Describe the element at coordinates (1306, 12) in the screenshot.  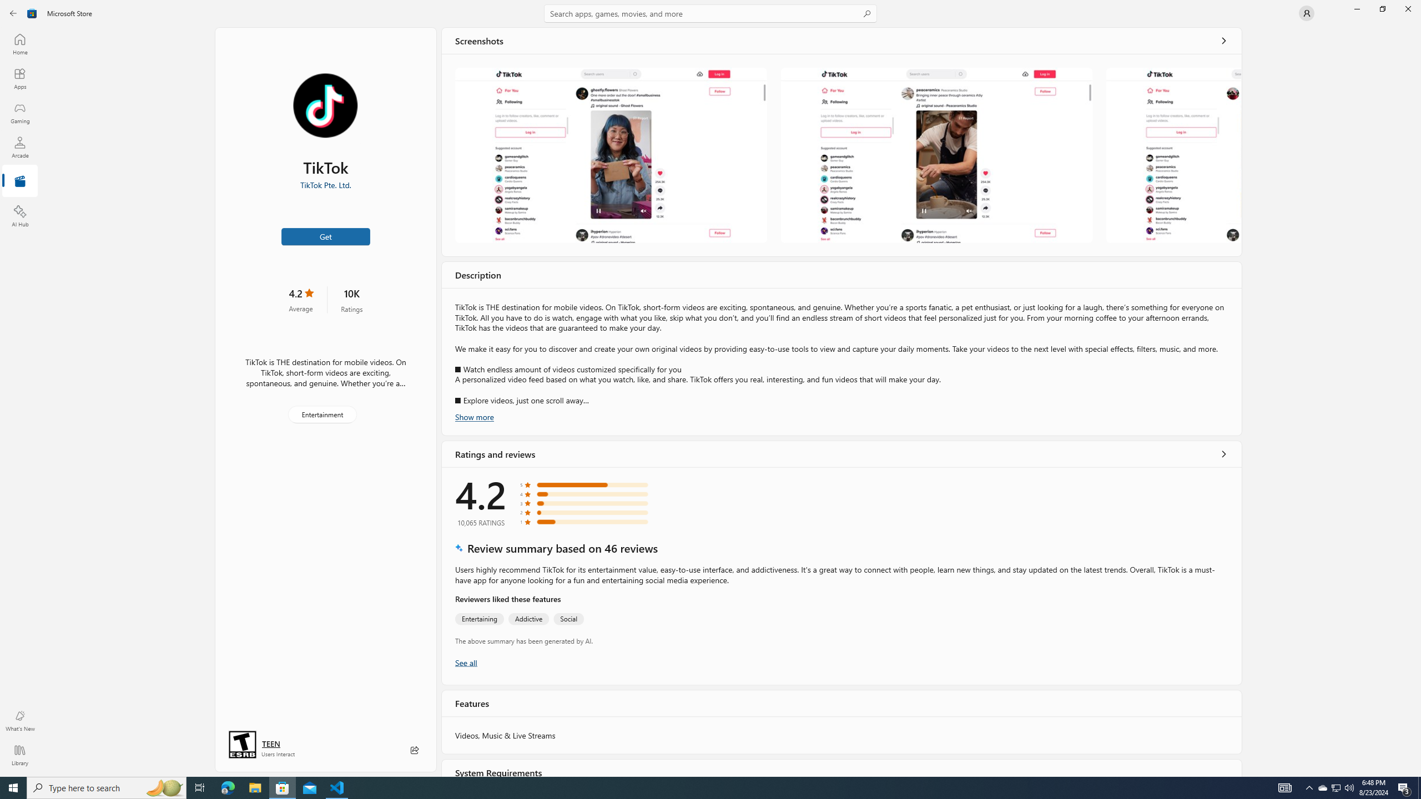
I see `'User profile'` at that location.